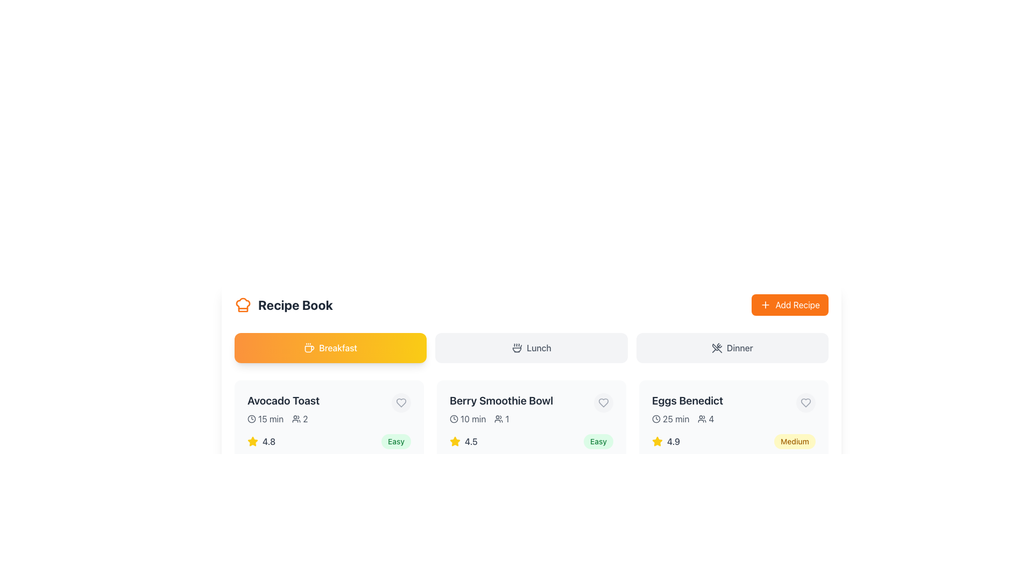 The width and height of the screenshot is (1033, 581). I want to click on the text label that indicates the rating value for the associated item 'Eggs Benedict', positioned to the right of the star icon in the rating section, so click(673, 442).